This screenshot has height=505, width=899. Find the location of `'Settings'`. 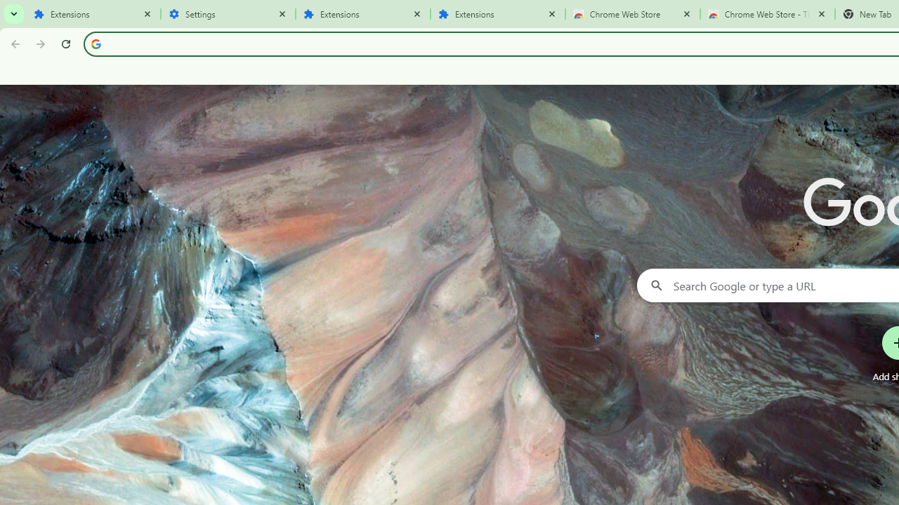

'Settings' is located at coordinates (228, 14).